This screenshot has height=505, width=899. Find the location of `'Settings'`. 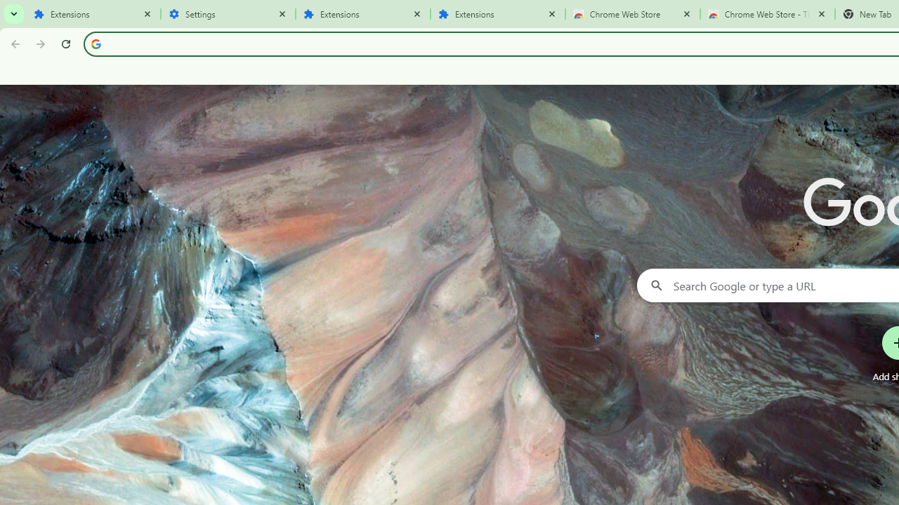

'Settings' is located at coordinates (228, 14).